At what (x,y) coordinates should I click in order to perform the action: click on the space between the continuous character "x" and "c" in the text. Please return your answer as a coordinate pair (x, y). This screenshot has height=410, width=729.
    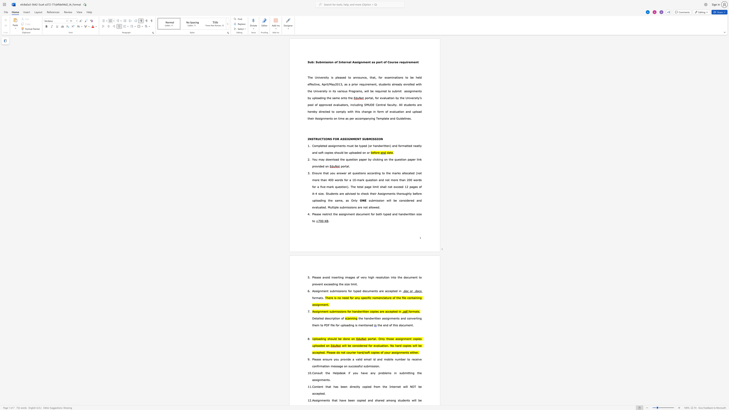
    Looking at the image, I should click on (327, 284).